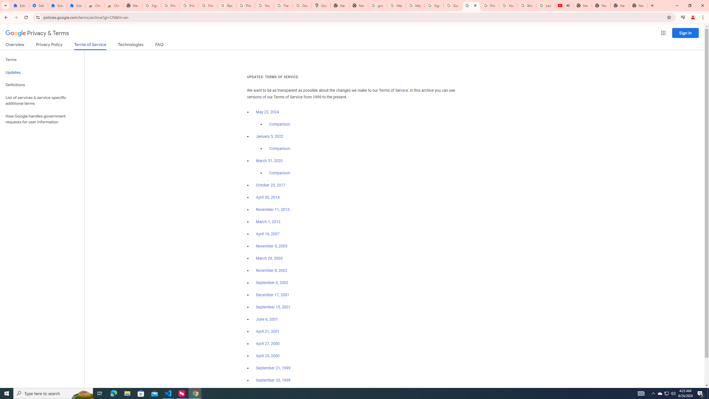  What do you see at coordinates (268, 343) in the screenshot?
I see `'April 27, 2000'` at bounding box center [268, 343].